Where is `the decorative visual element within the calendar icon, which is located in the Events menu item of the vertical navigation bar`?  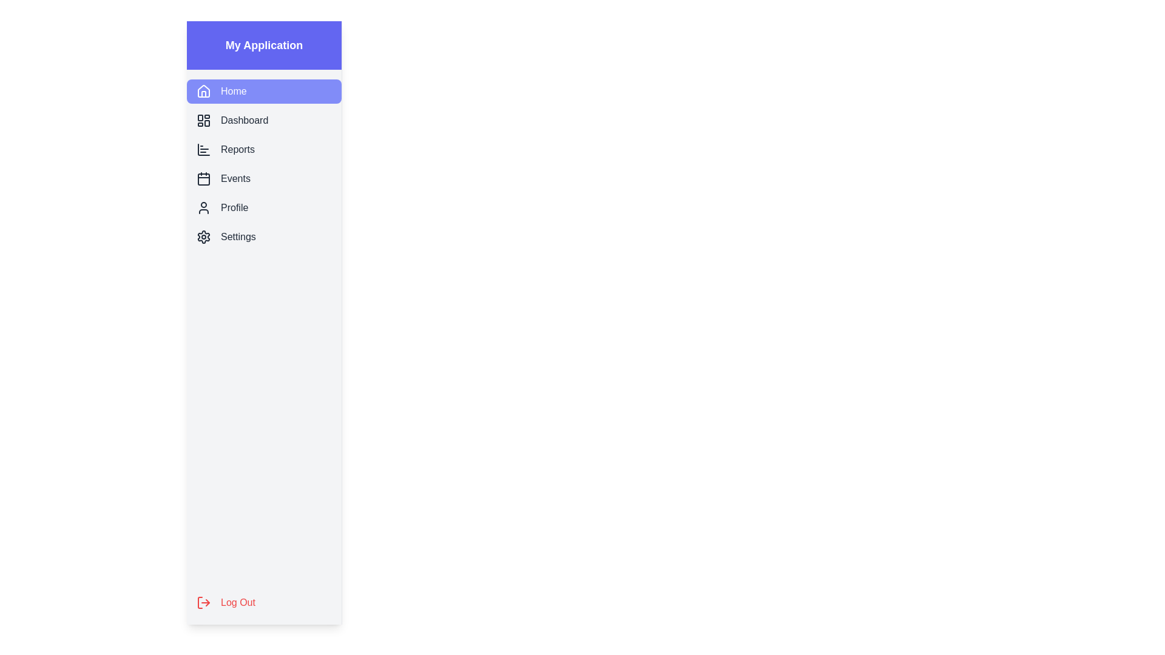
the decorative visual element within the calendar icon, which is located in the Events menu item of the vertical navigation bar is located at coordinates (204, 180).